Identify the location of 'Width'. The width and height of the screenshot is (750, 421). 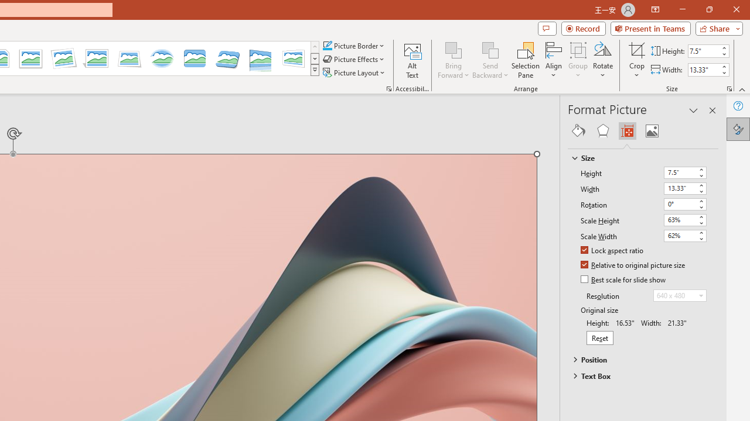
(685, 188).